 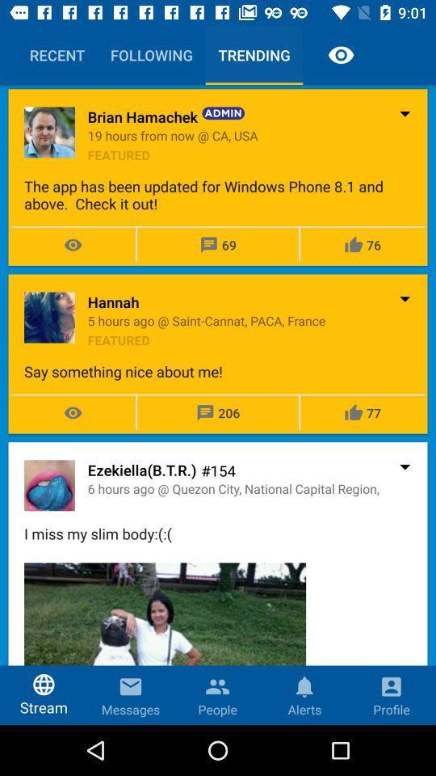 What do you see at coordinates (142, 470) in the screenshot?
I see `the icon to the left of the #154 item` at bounding box center [142, 470].